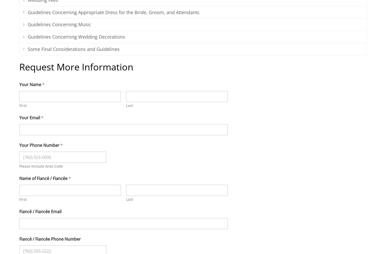 This screenshot has height=254, width=386. Describe the element at coordinates (113, 12) in the screenshot. I see `'Guidelines Concerning Appropriate Dress for the Bride, Groom, and Attendants'` at that location.